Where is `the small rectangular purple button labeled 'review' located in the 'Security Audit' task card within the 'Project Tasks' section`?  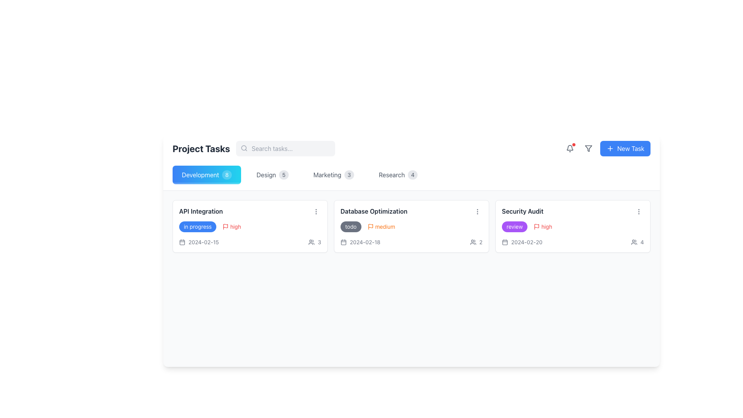
the small rectangular purple button labeled 'review' located in the 'Security Audit' task card within the 'Project Tasks' section is located at coordinates (514, 226).